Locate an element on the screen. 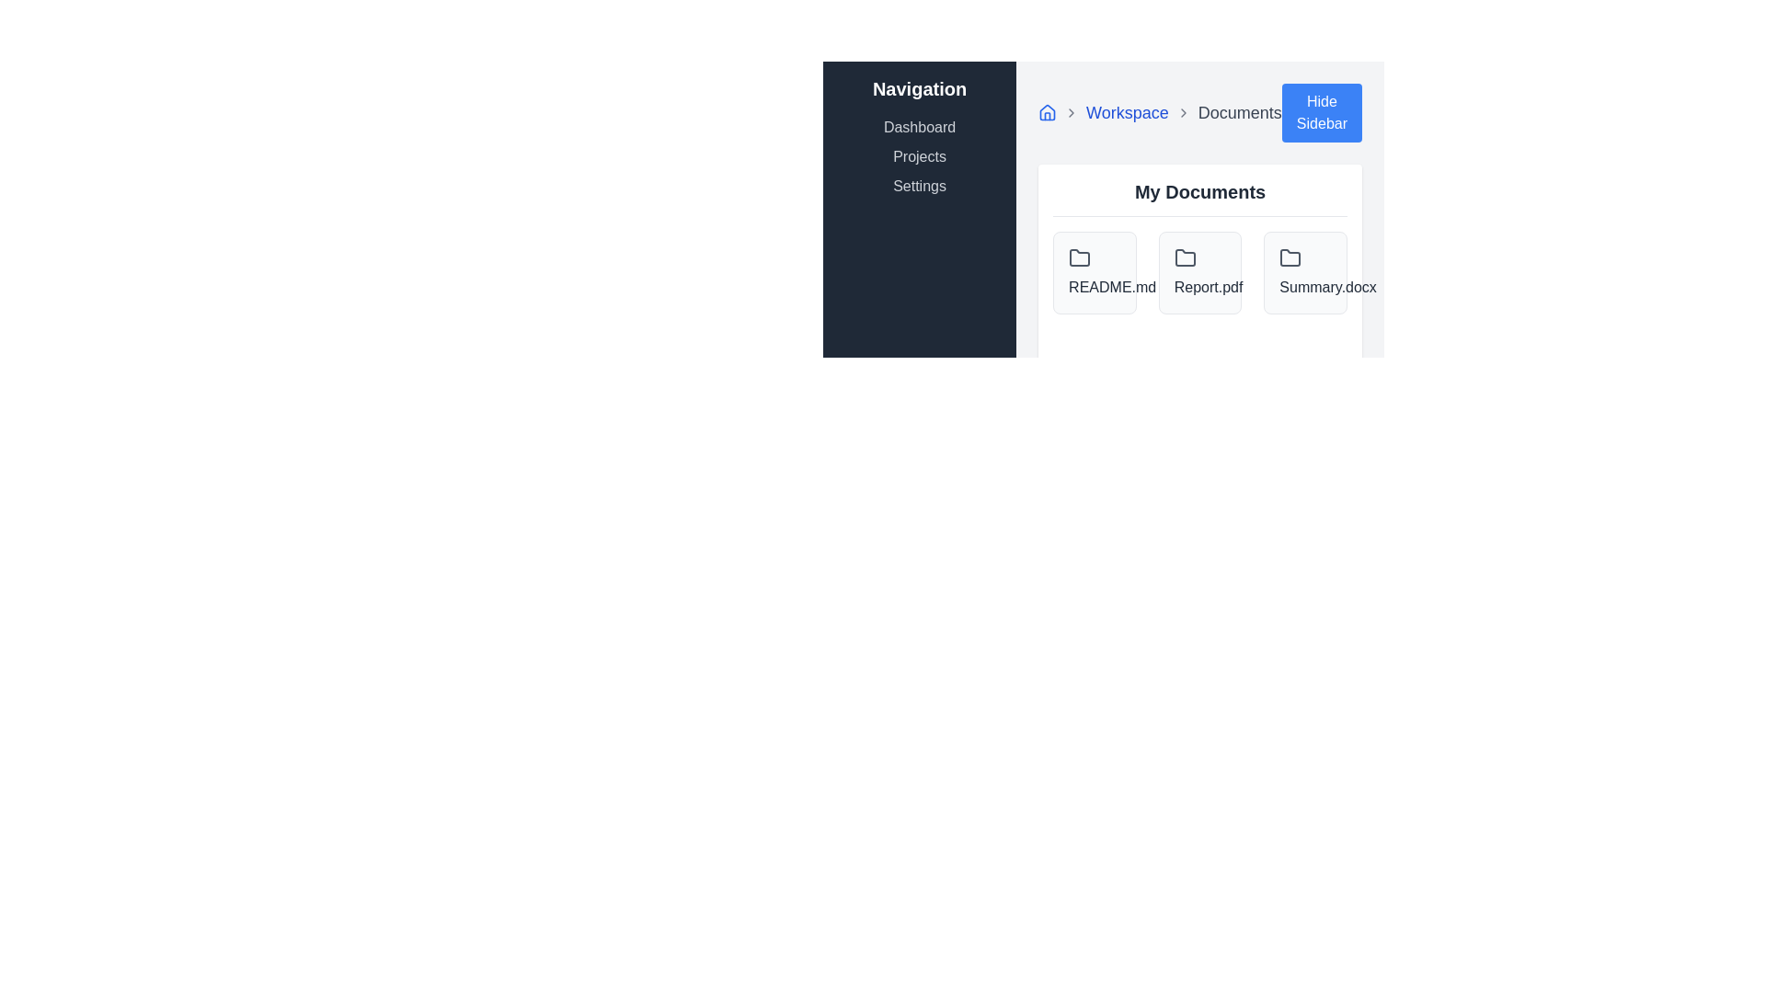 The width and height of the screenshot is (1766, 993). the text label displaying the file name 'Summary.docx' is located at coordinates (1304, 287).